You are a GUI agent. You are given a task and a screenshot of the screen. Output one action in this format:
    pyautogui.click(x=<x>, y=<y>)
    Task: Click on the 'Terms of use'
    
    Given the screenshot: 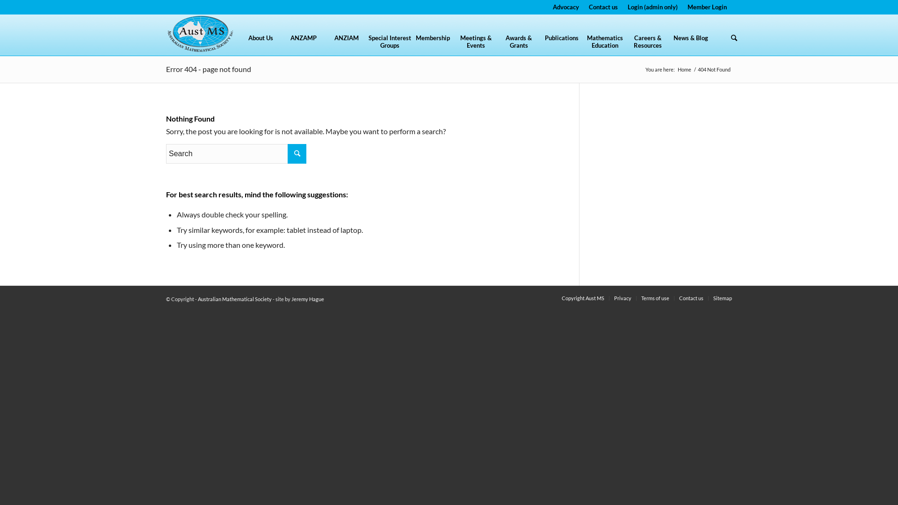 What is the action you would take?
    pyautogui.click(x=655, y=298)
    